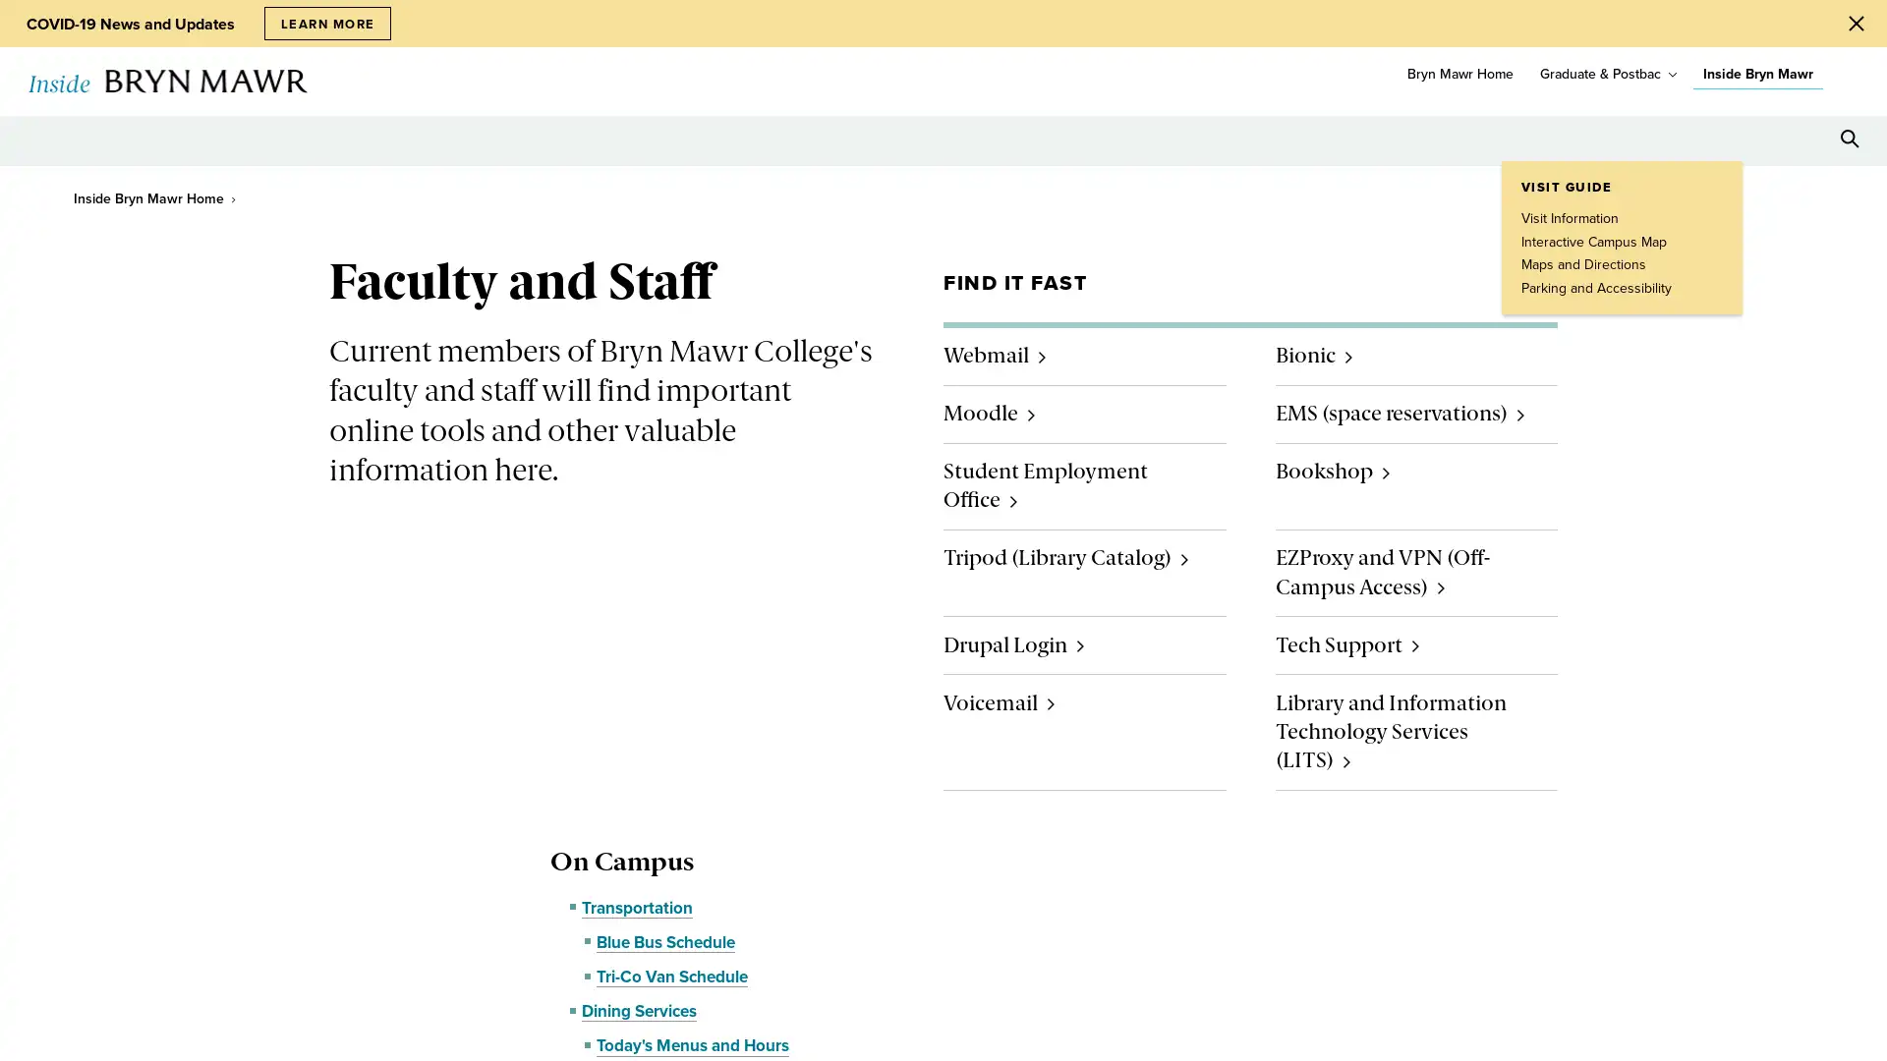 The height and width of the screenshot is (1061, 1887). What do you see at coordinates (1600, 73) in the screenshot?
I see `Graduate & Postbac` at bounding box center [1600, 73].